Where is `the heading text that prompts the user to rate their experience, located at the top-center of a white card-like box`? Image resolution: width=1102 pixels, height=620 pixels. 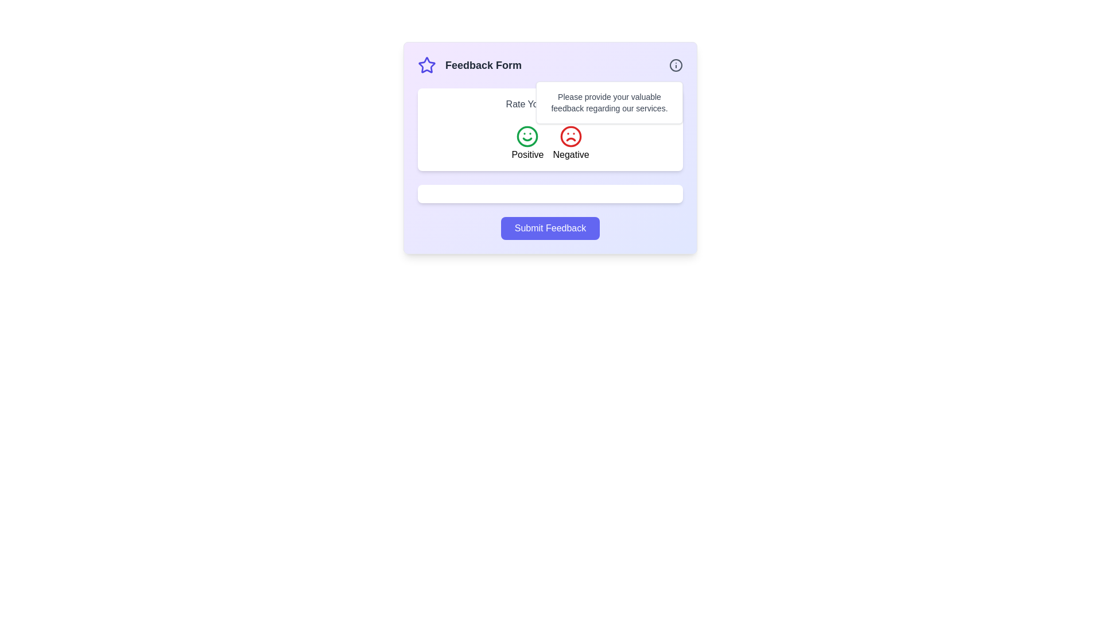
the heading text that prompts the user to rate their experience, located at the top-center of a white card-like box is located at coordinates (550, 104).